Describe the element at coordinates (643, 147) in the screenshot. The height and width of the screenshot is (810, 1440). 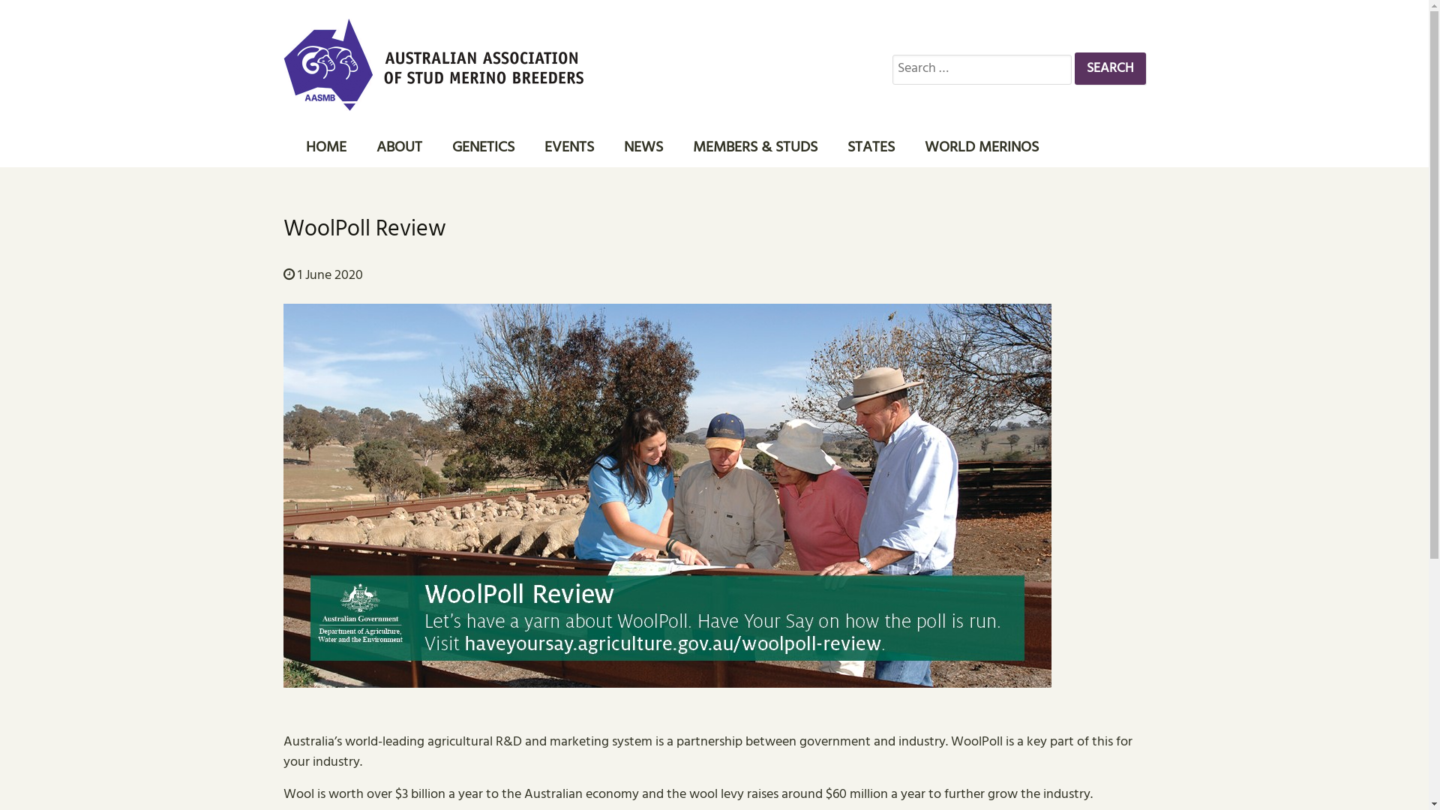
I see `'NEWS'` at that location.